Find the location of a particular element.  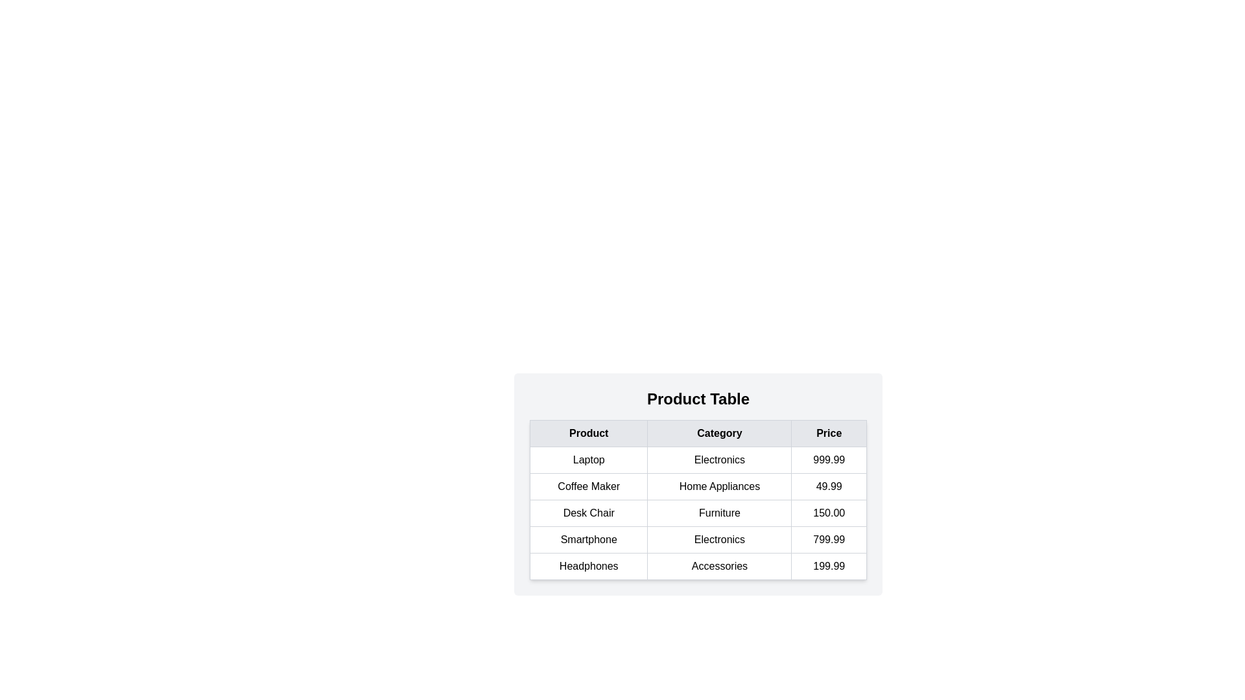

the third row of the table displaying the product 'Desk Chair' in order is located at coordinates (697, 512).